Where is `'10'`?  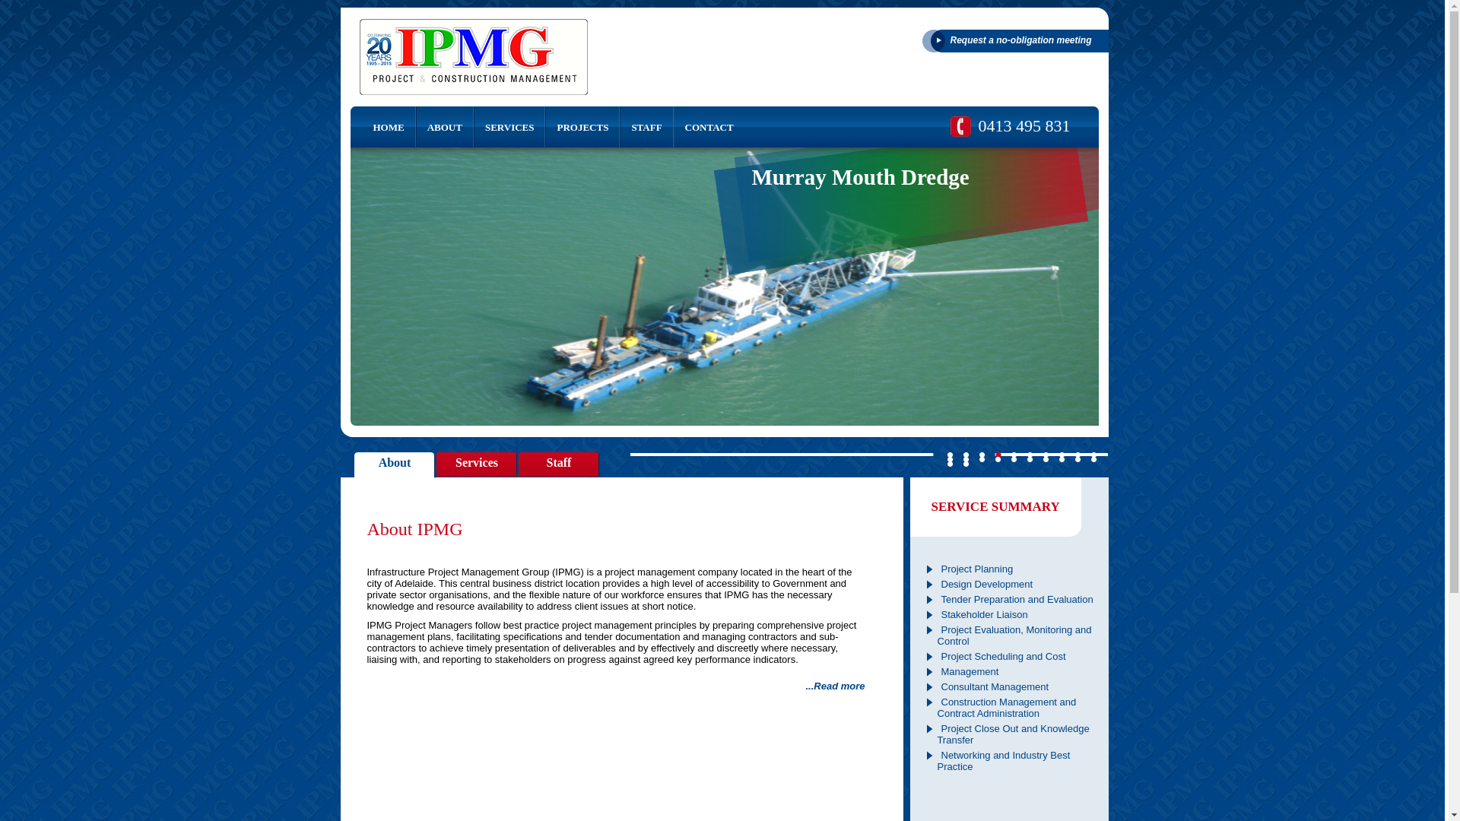 '10' is located at coordinates (1093, 453).